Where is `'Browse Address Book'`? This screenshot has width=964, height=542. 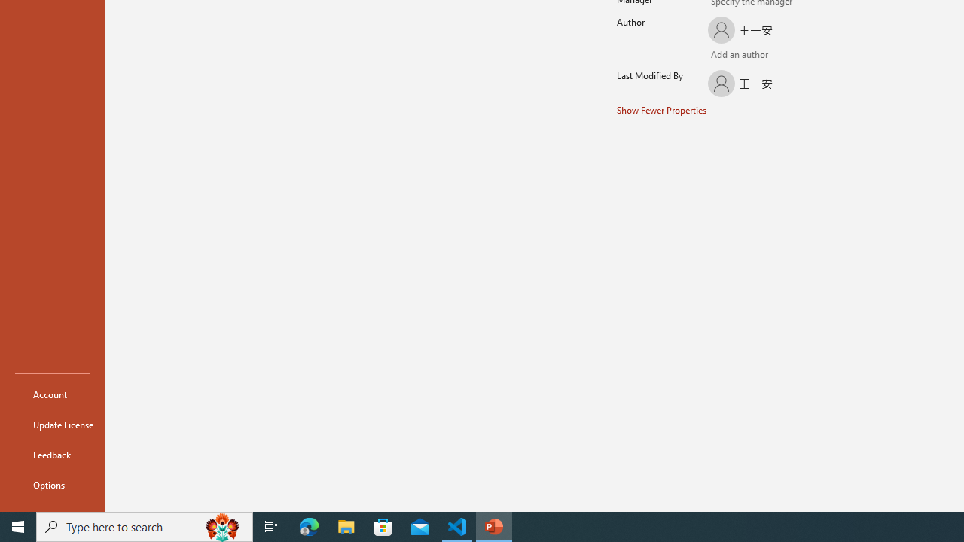
'Browse Address Book' is located at coordinates (788, 56).